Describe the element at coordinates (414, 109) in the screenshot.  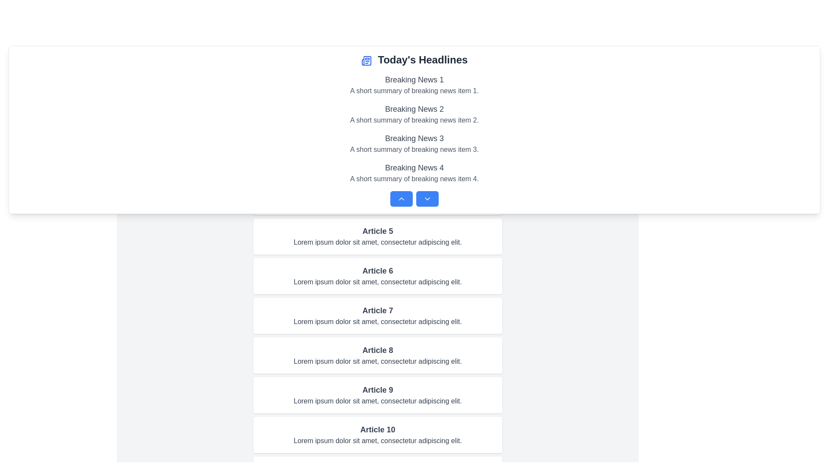
I see `text of the 'Breaking News 2' label, which is a bold, larger-sized text styled in gray, located in the upper section of the interface under 'Today's Headlines'` at that location.